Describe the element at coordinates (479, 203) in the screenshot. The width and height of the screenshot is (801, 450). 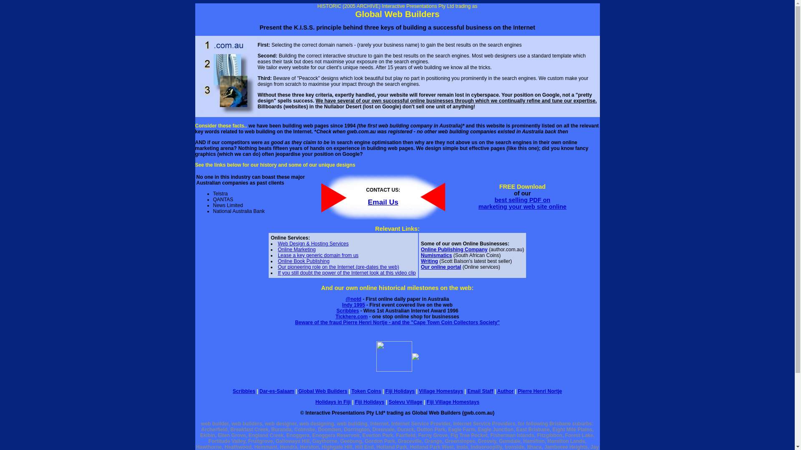
I see `'best selling PDF on` at that location.